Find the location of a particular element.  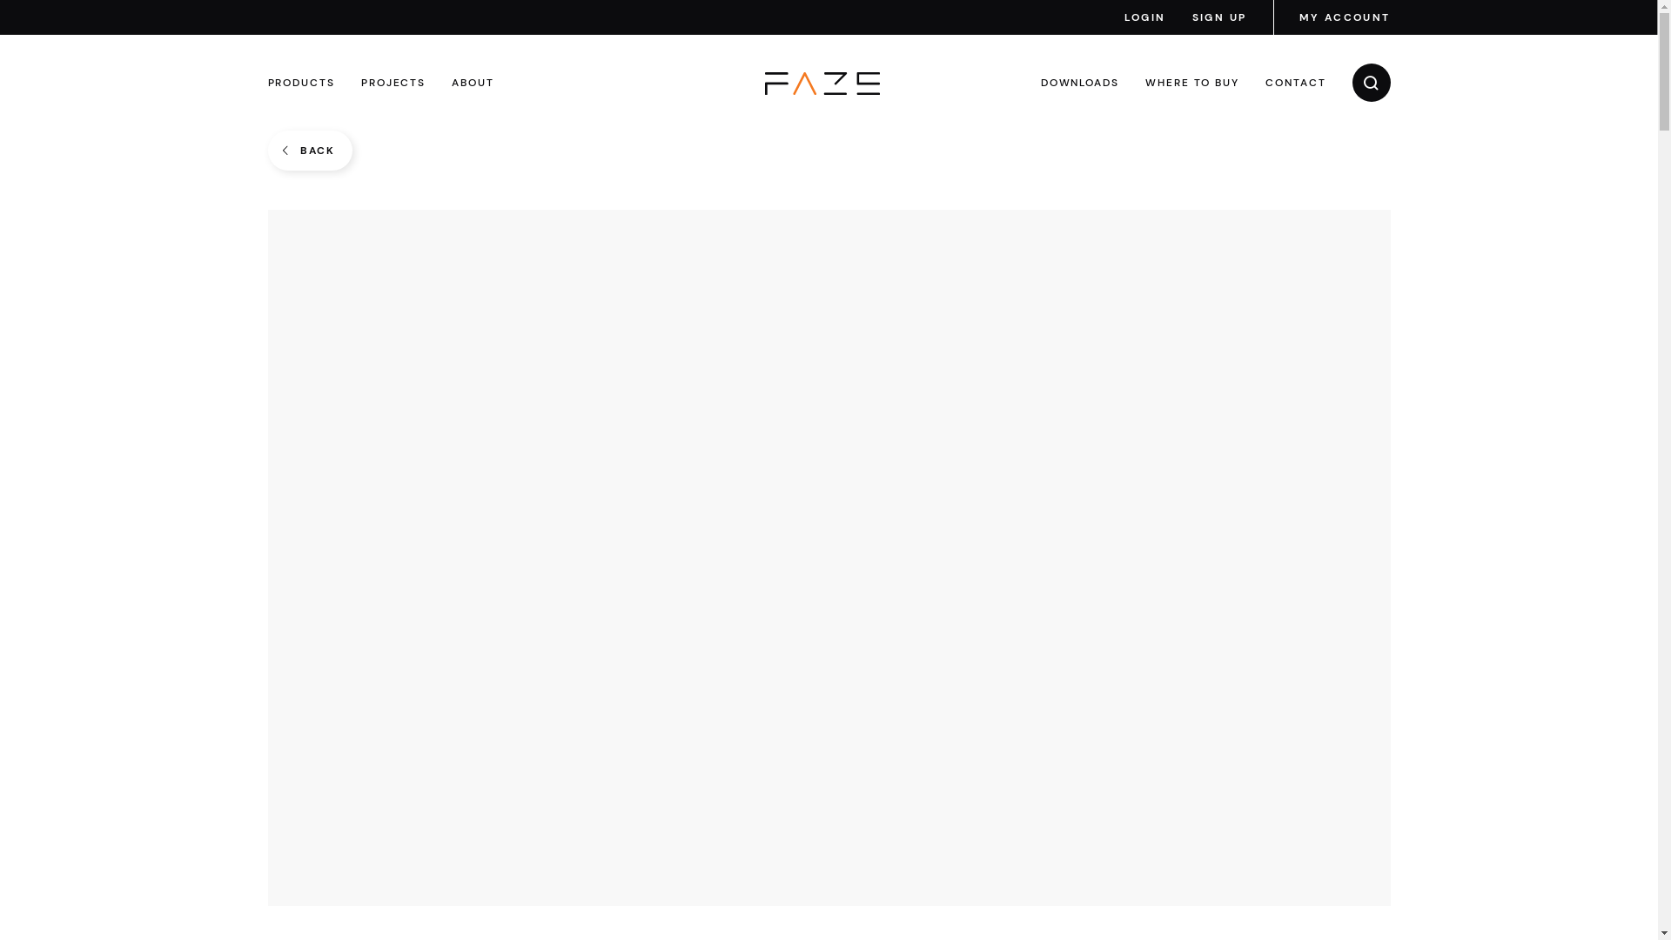

'PROJECTS' is located at coordinates (392, 83).